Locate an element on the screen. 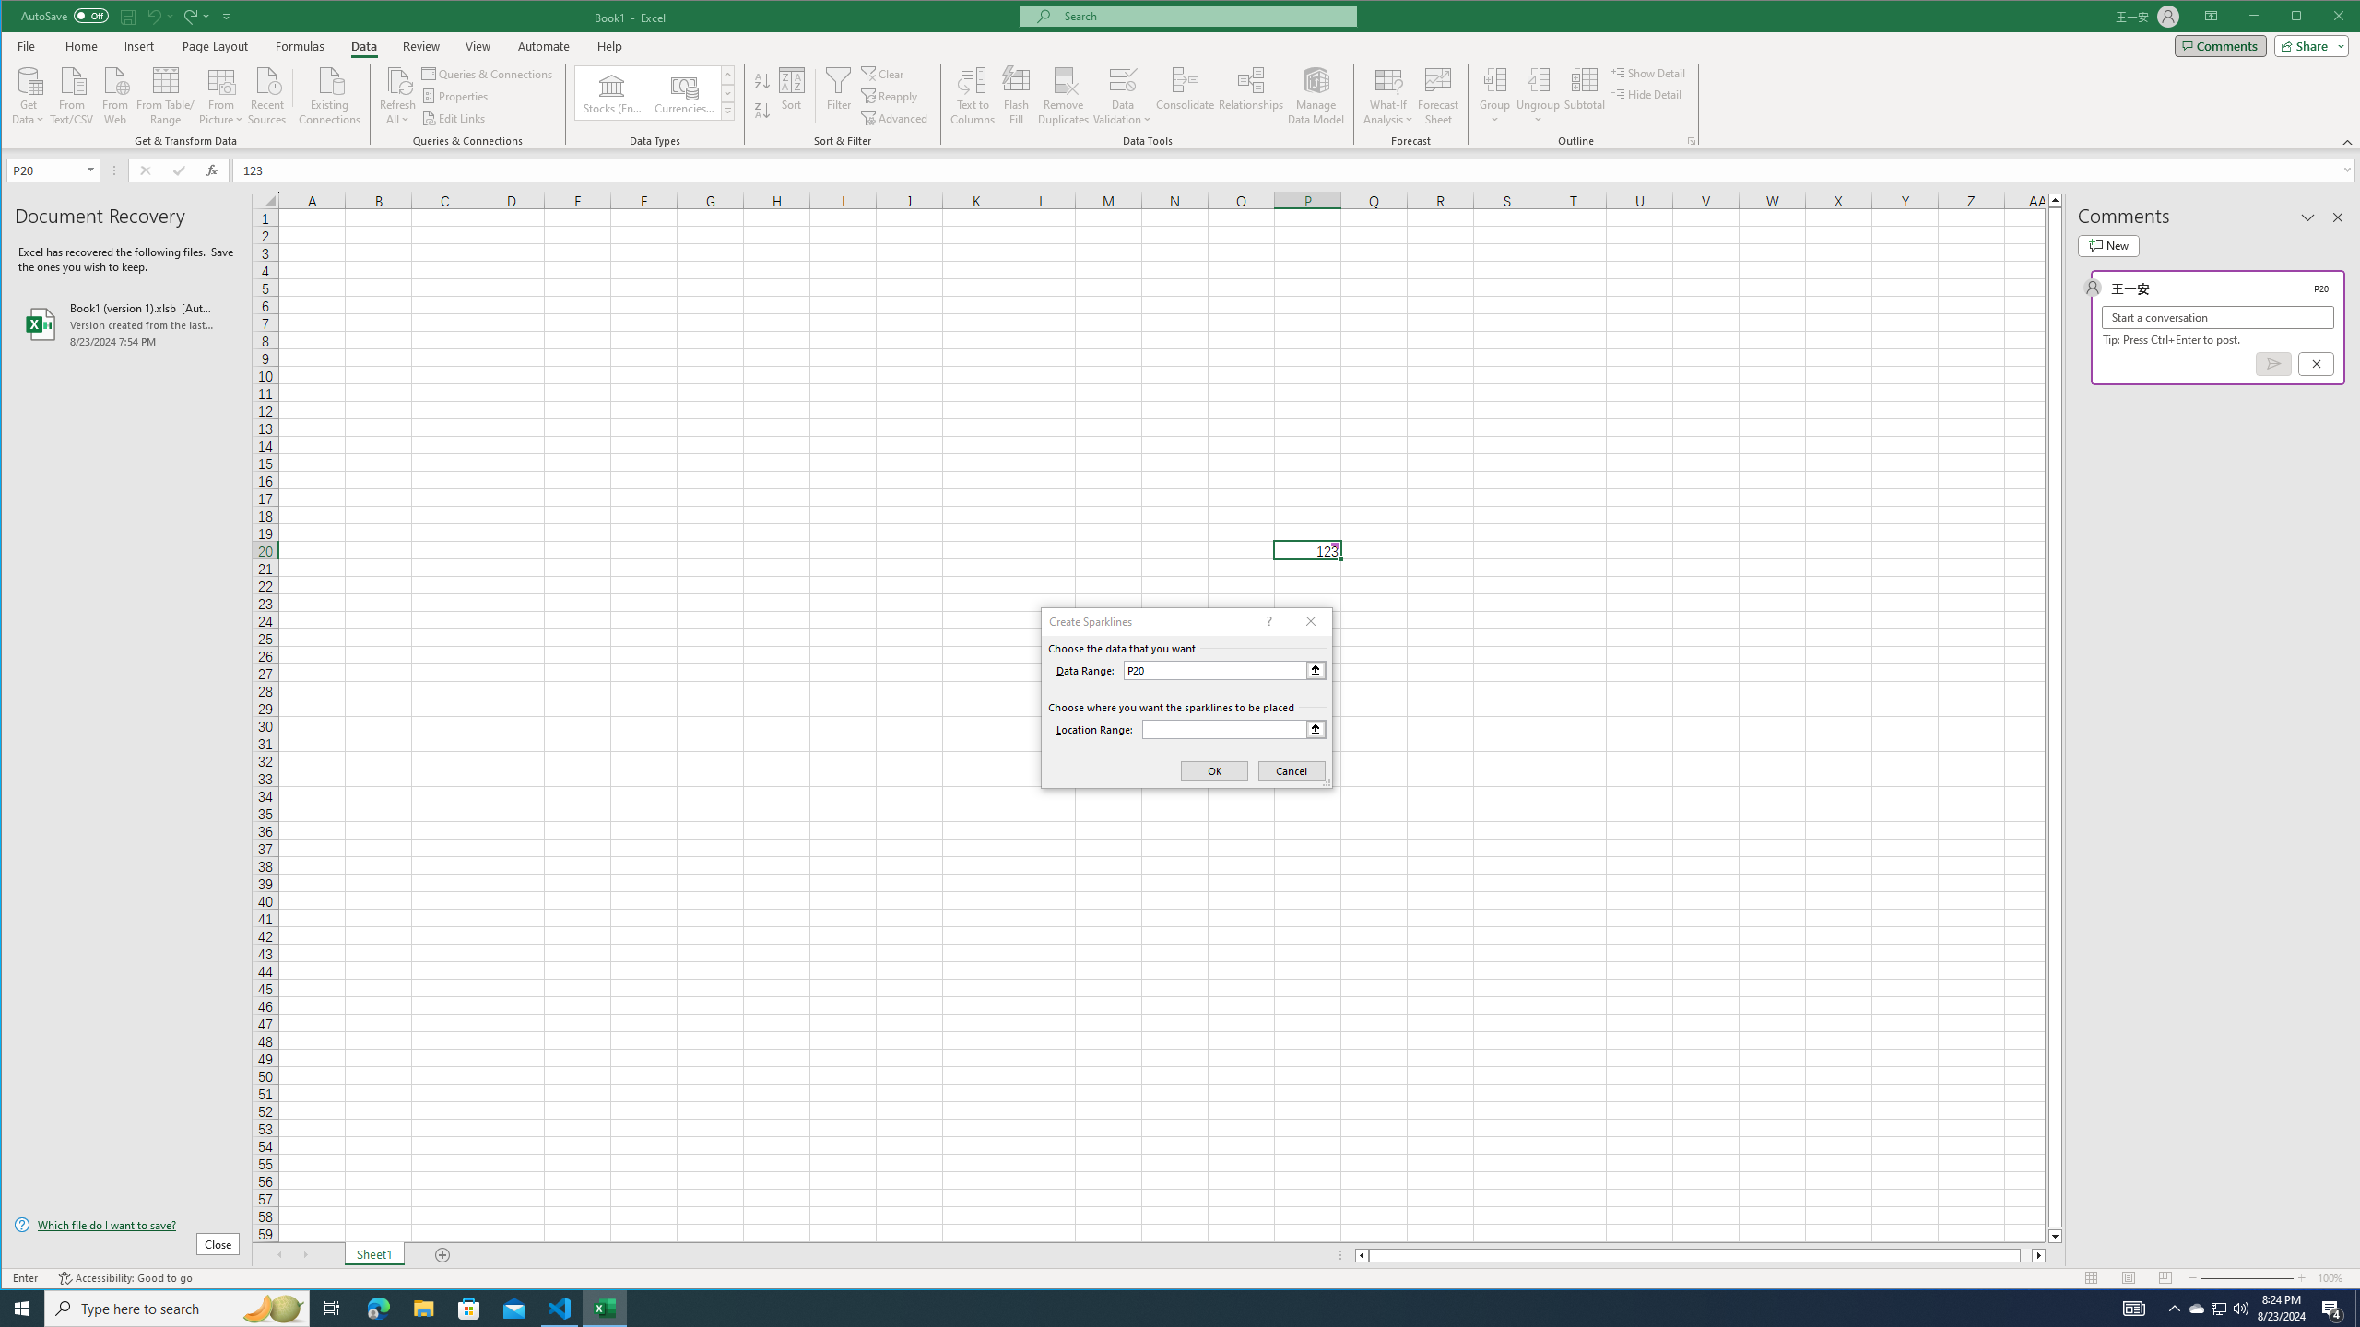 The width and height of the screenshot is (2360, 1327). 'Consolidate...' is located at coordinates (1185, 95).